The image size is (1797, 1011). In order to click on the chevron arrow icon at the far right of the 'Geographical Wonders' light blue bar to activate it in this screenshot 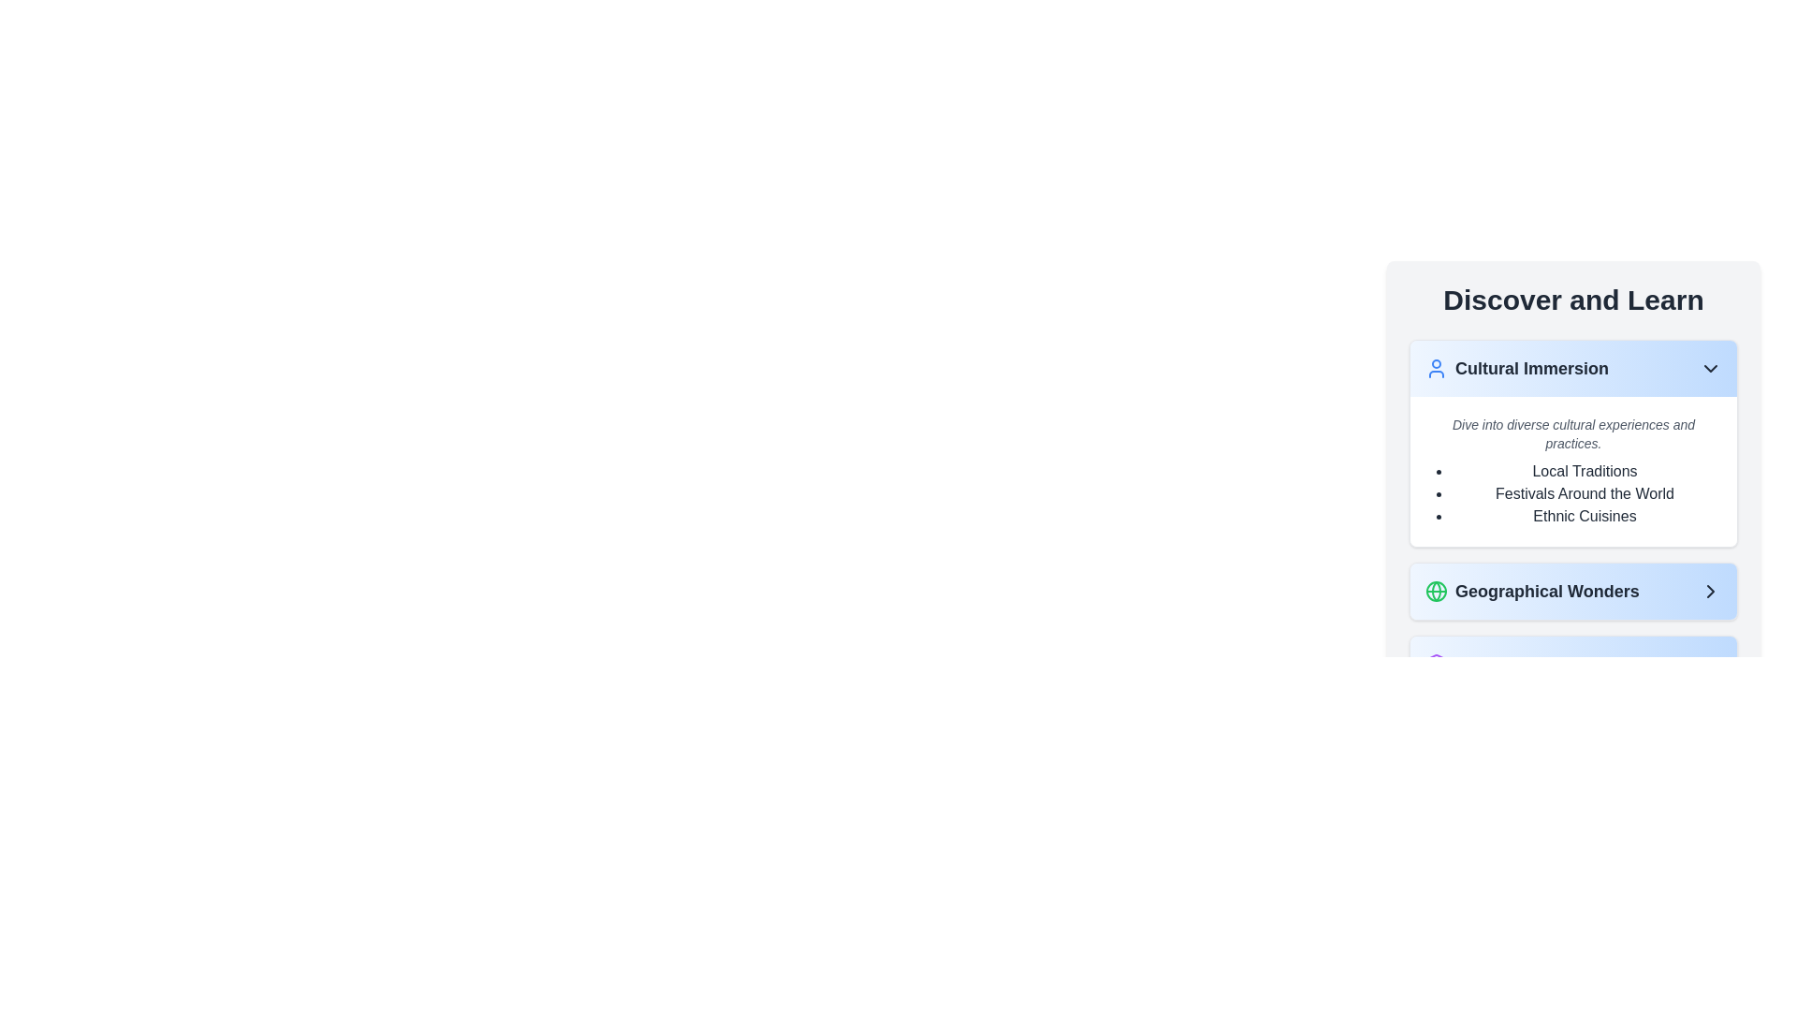, I will do `click(1711, 592)`.